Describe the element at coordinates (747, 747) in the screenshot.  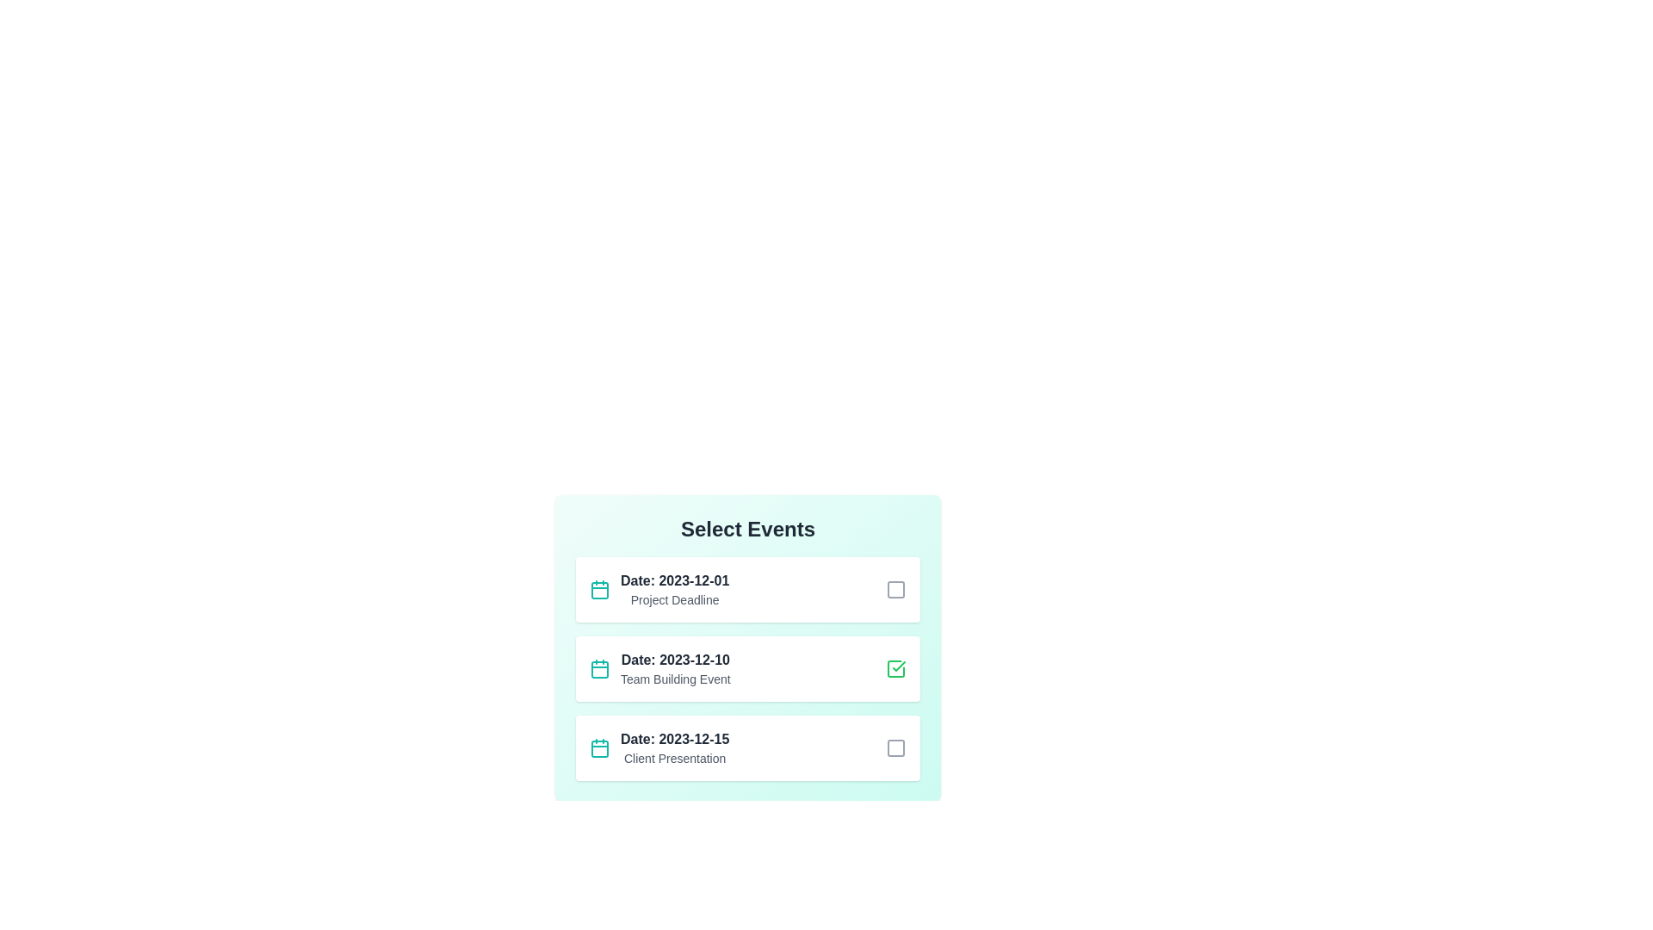
I see `the event item corresponding to 3` at that location.